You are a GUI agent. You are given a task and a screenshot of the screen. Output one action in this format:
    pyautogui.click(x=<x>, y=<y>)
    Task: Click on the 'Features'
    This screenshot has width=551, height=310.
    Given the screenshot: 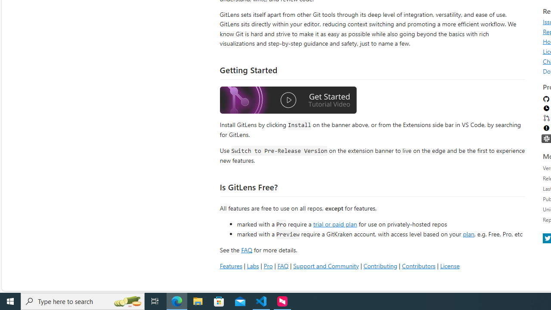 What is the action you would take?
    pyautogui.click(x=231, y=265)
    